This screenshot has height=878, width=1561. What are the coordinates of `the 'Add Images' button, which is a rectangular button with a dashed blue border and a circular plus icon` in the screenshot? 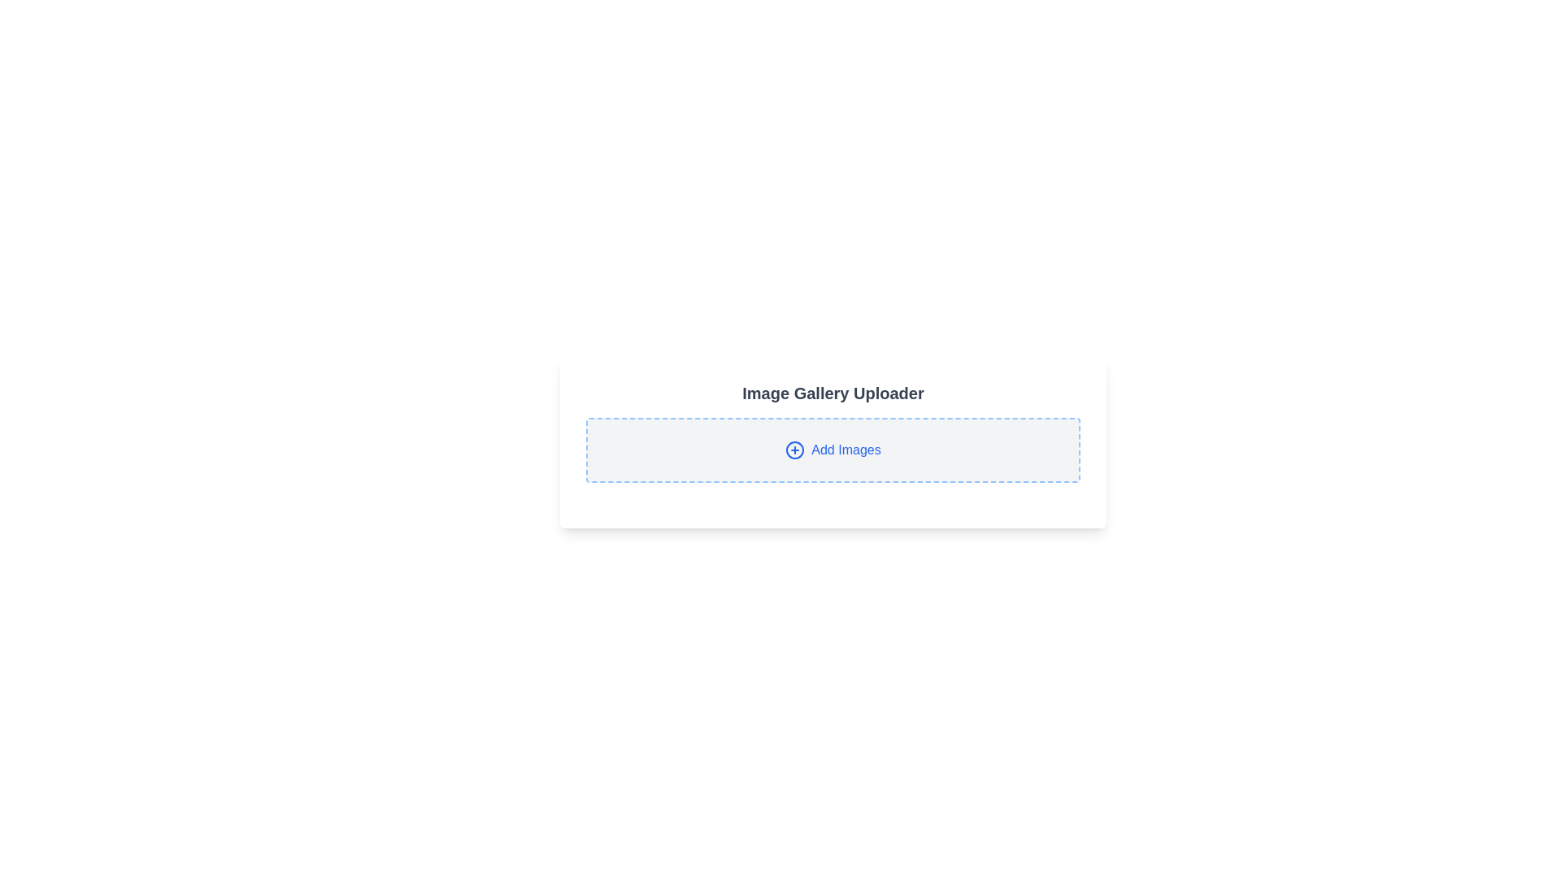 It's located at (833, 450).